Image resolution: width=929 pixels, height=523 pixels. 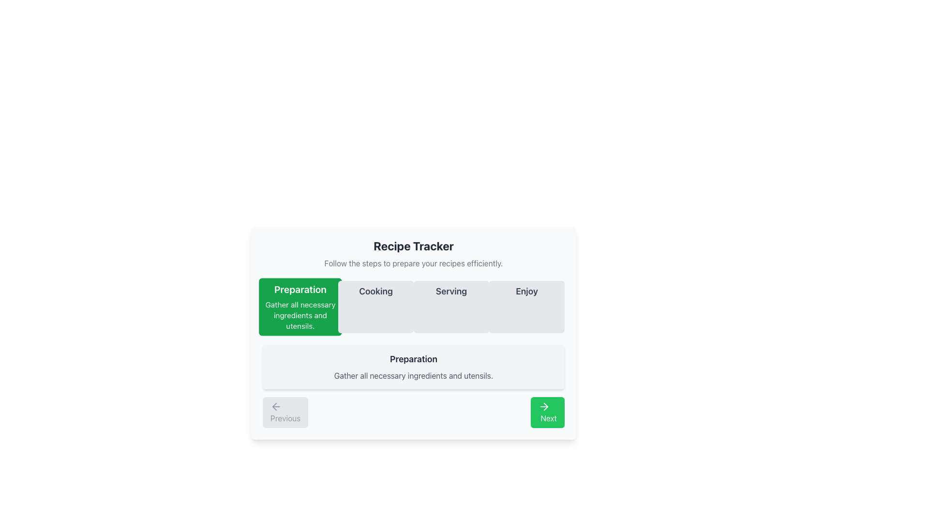 What do you see at coordinates (300, 289) in the screenshot?
I see `the 'Preparation' text label, which identifies the preparation stage of the recipe process and is centrally aligned within a green rectangular background at the upper-left area of the interface` at bounding box center [300, 289].